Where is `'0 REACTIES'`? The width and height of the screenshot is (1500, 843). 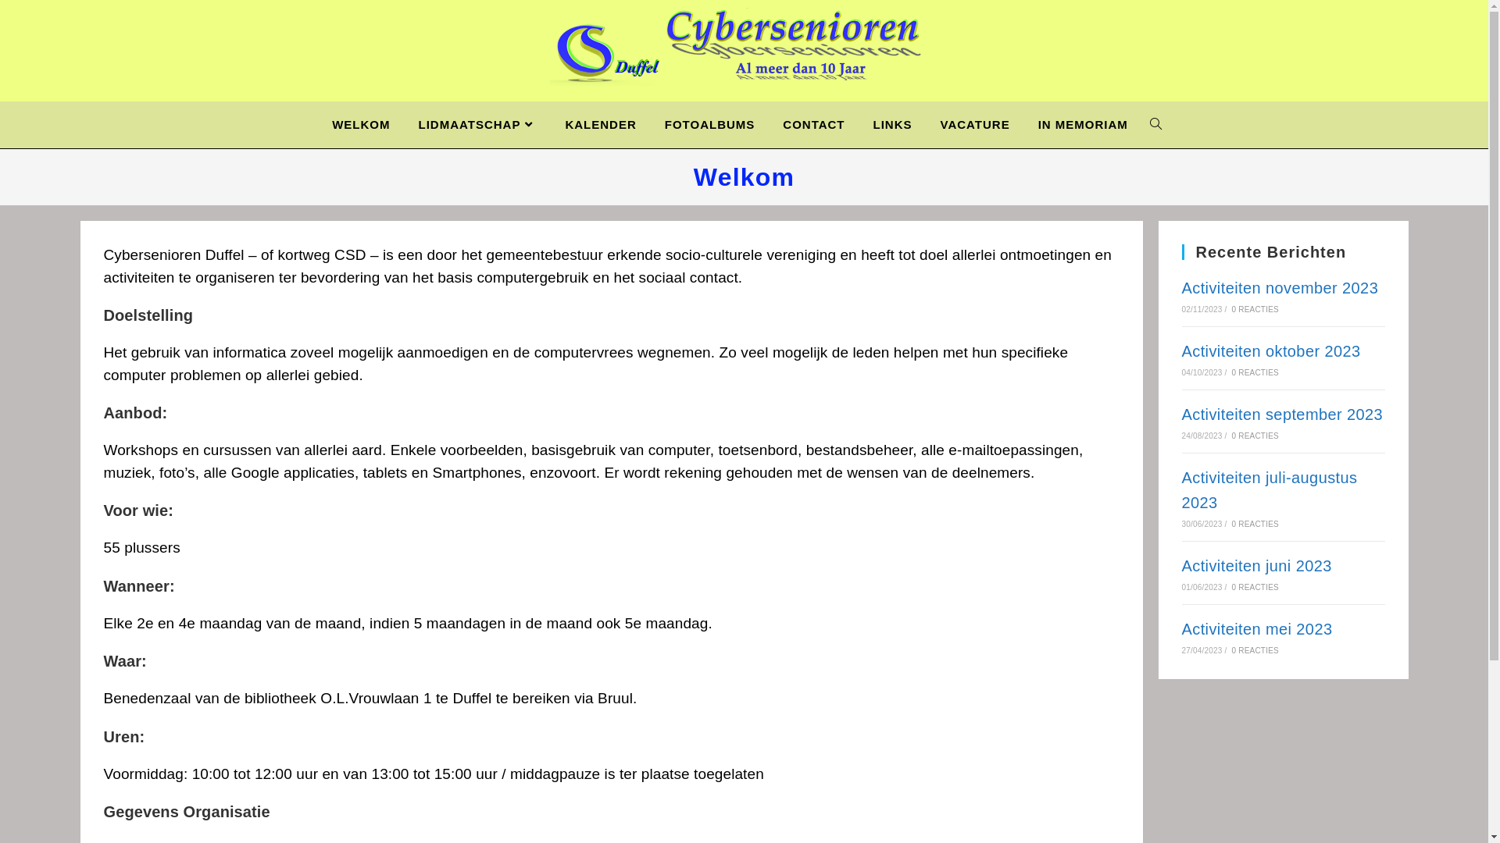
'0 REACTIES' is located at coordinates (1255, 587).